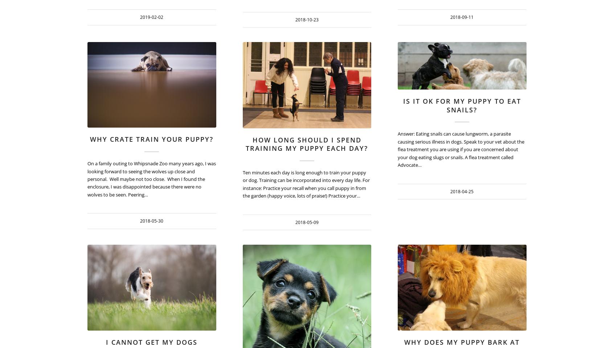  What do you see at coordinates (254, 92) in the screenshot?
I see `'2018-05-30 15:12:03'` at bounding box center [254, 92].